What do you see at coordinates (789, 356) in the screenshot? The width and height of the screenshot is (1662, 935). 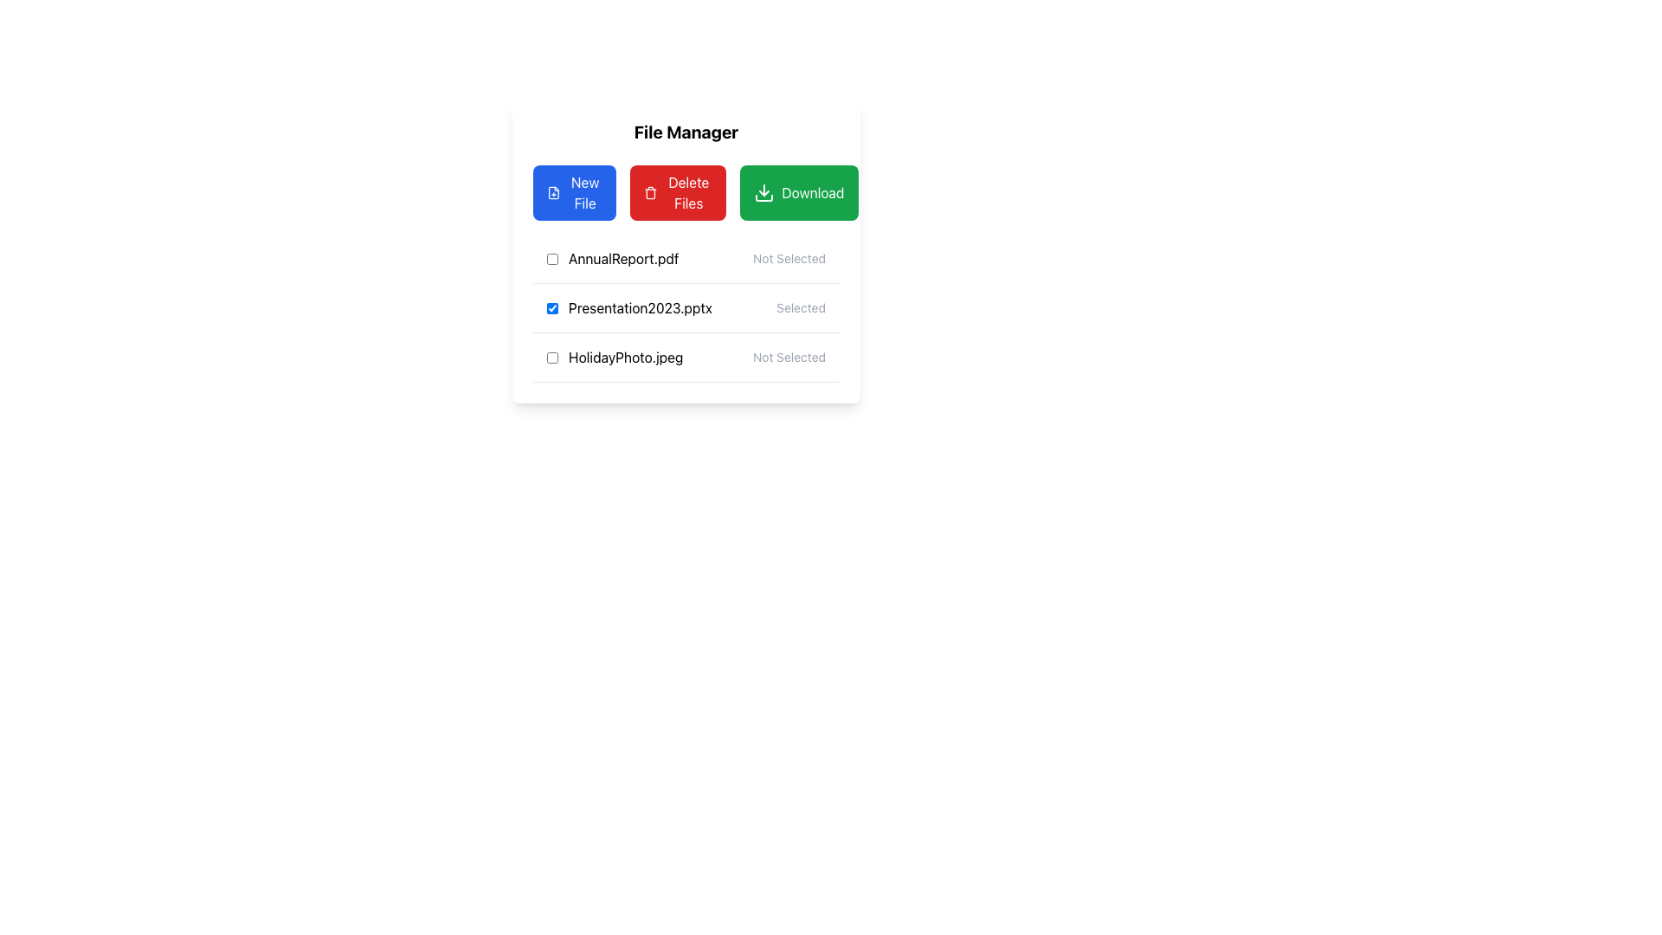 I see `the Label or Static Text that displays the selection status of 'HolidayPhoto.jpeg' file, located on the right side of its row in the file manager interface` at bounding box center [789, 356].